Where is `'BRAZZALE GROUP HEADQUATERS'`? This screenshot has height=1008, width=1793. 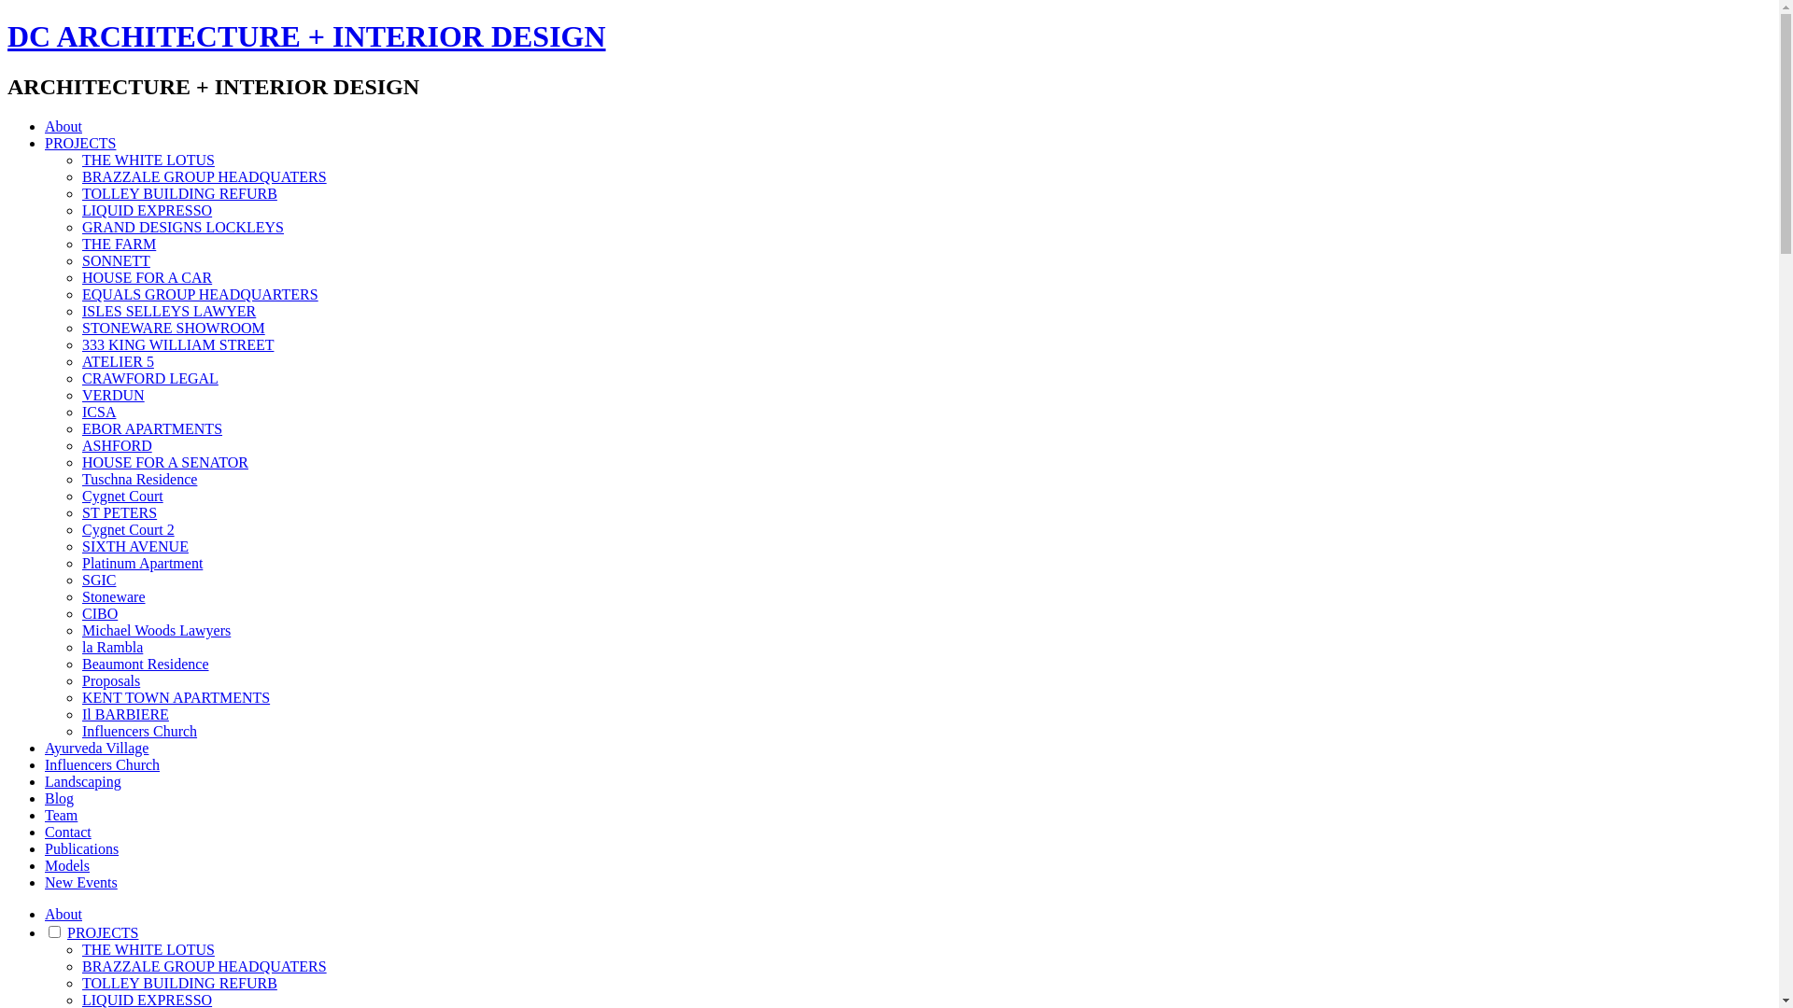 'BRAZZALE GROUP HEADQUATERS' is located at coordinates (205, 176).